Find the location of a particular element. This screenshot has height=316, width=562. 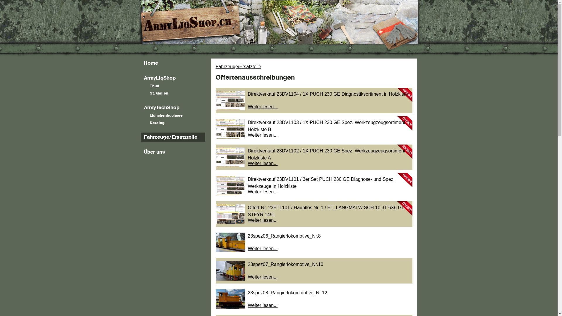

'Fahrzeuge/Ersatzteile' is located at coordinates (172, 137).